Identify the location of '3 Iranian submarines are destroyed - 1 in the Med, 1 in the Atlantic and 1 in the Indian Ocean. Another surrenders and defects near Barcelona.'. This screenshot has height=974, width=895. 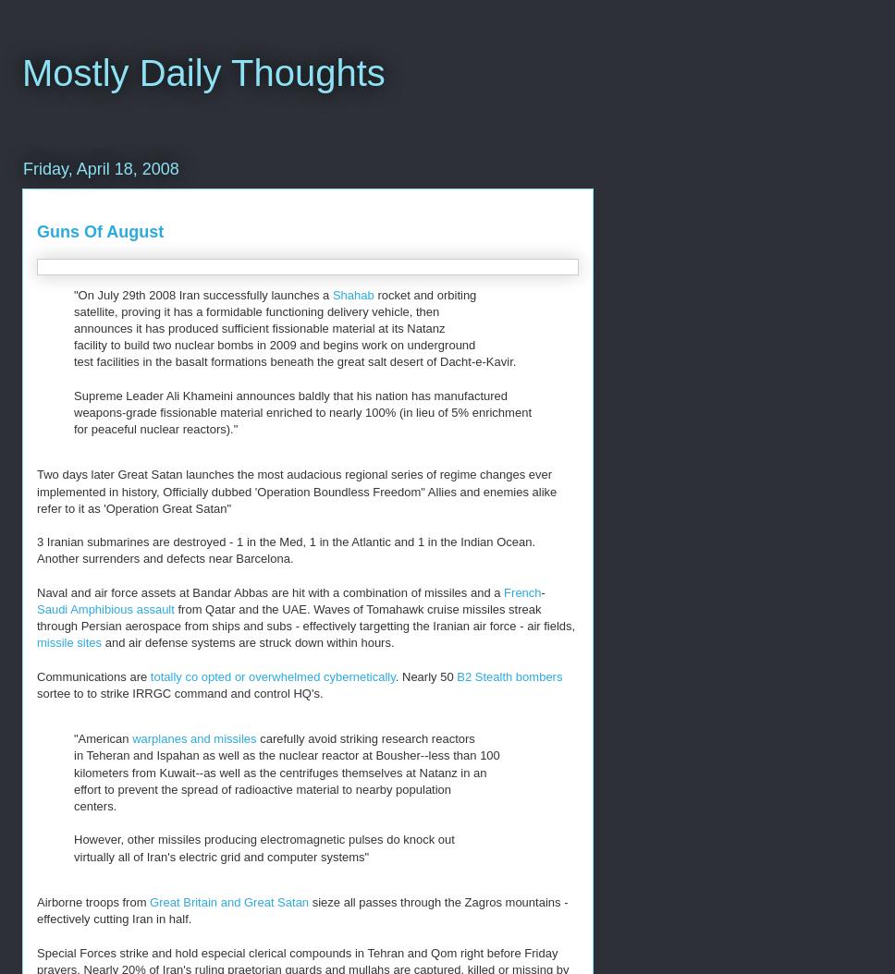
(285, 549).